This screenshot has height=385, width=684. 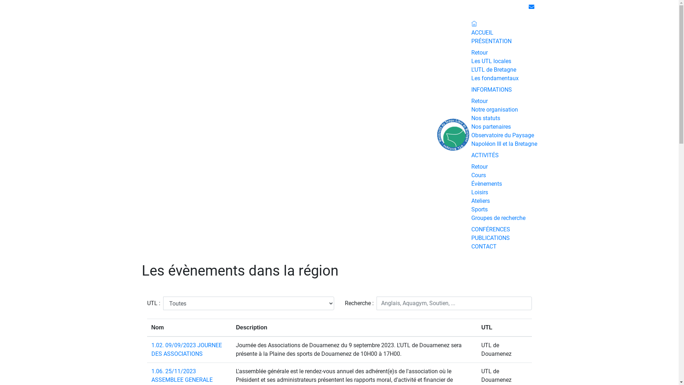 I want to click on '1.02. 09/09/2023 JOURNEE DES ASSOCIATIONS', so click(x=150, y=349).